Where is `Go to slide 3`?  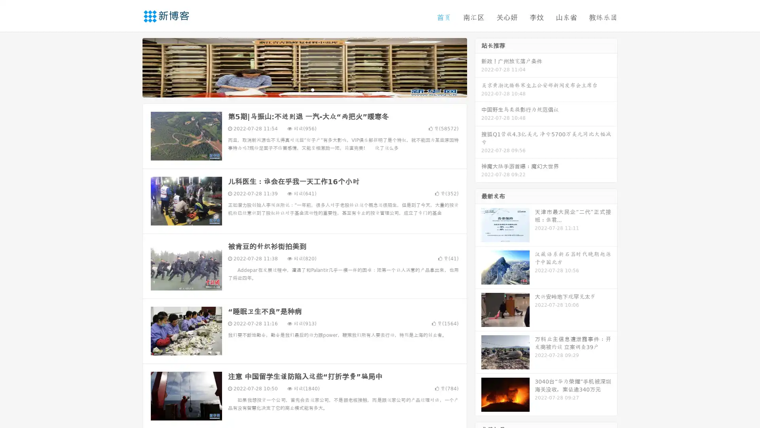
Go to slide 3 is located at coordinates (312, 89).